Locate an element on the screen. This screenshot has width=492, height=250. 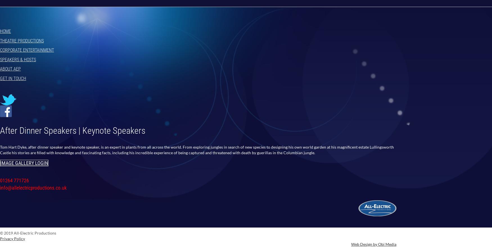
'Image gallery login' is located at coordinates (24, 163).